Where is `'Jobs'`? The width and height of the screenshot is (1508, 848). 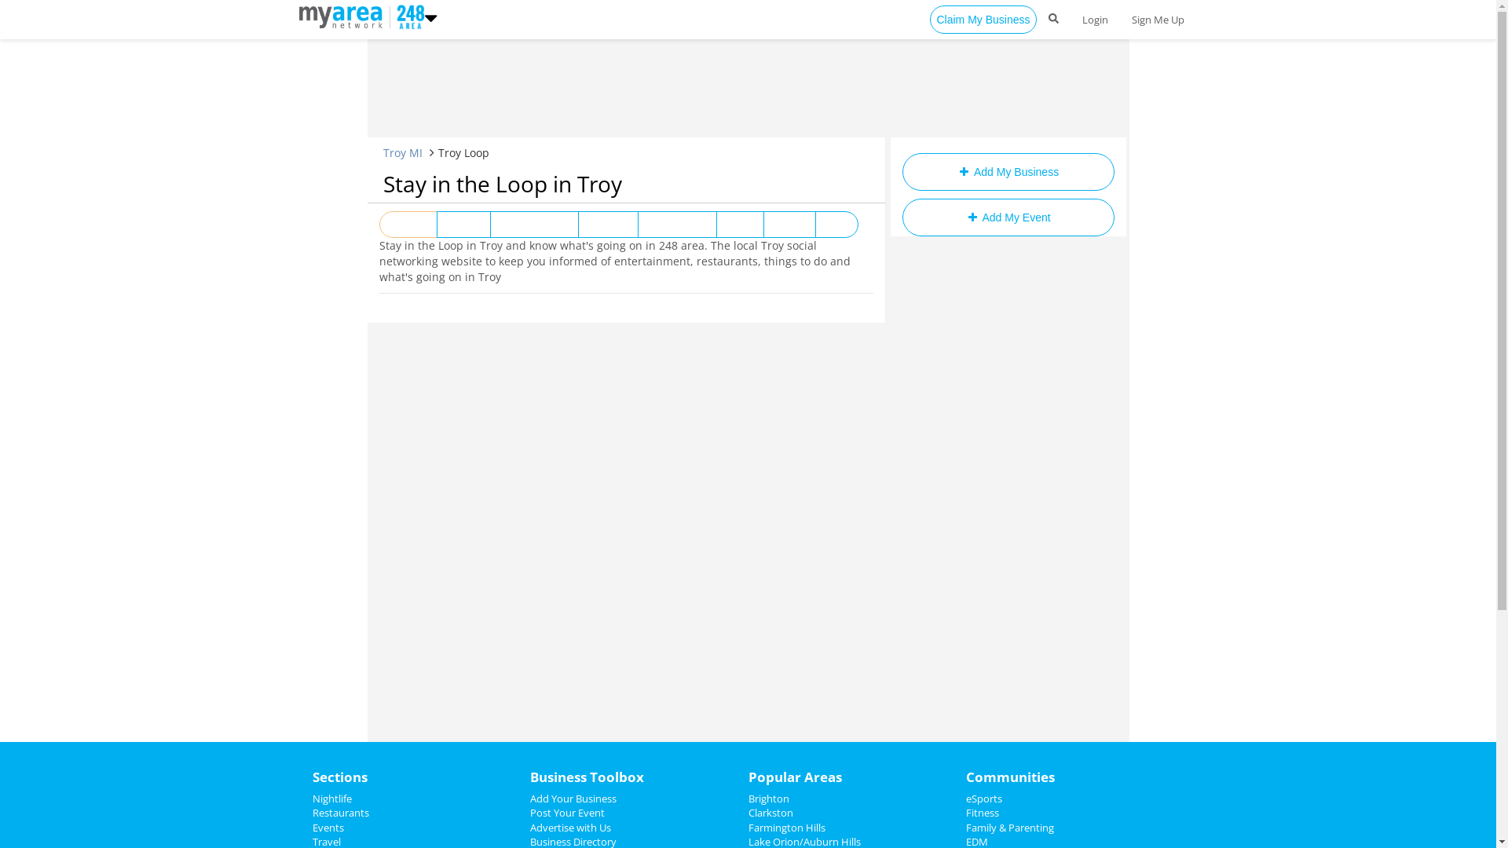
'Jobs' is located at coordinates (836, 224).